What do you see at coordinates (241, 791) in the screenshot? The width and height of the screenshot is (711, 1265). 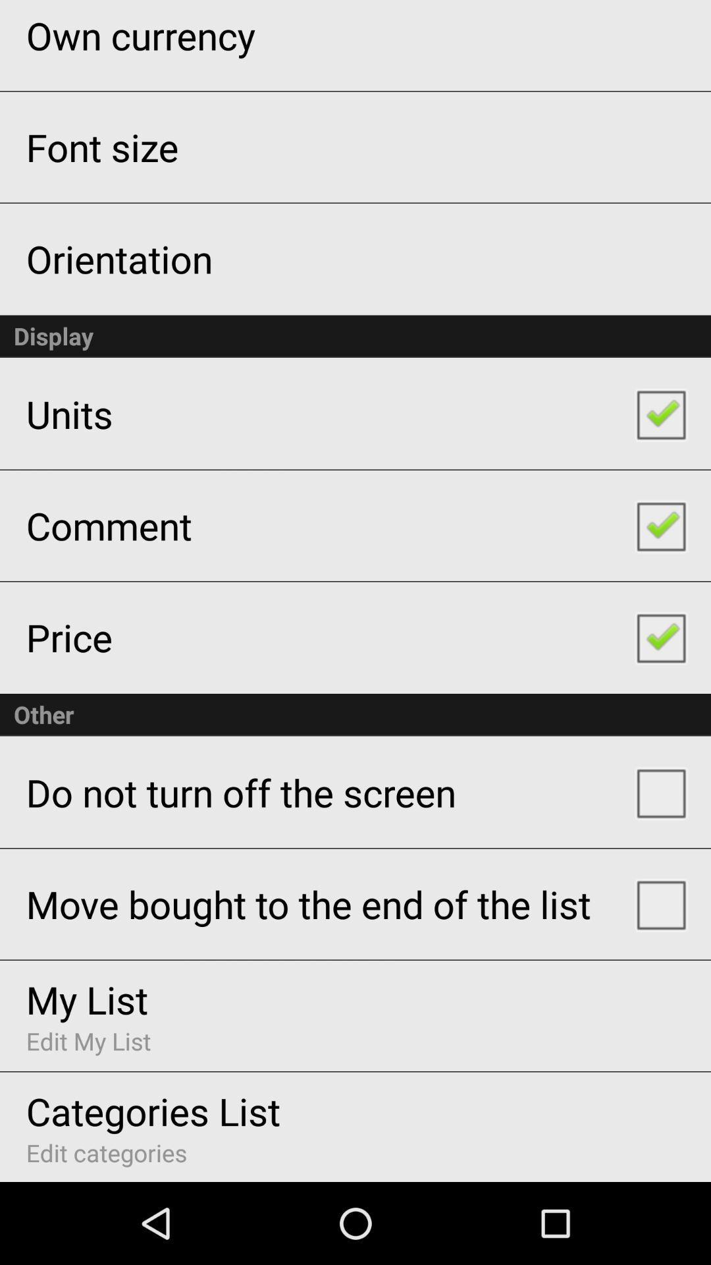 I see `icon below the other app` at bounding box center [241, 791].